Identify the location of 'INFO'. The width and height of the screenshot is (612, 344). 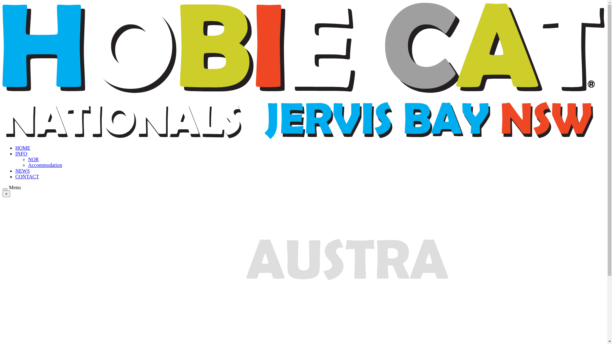
(15, 154).